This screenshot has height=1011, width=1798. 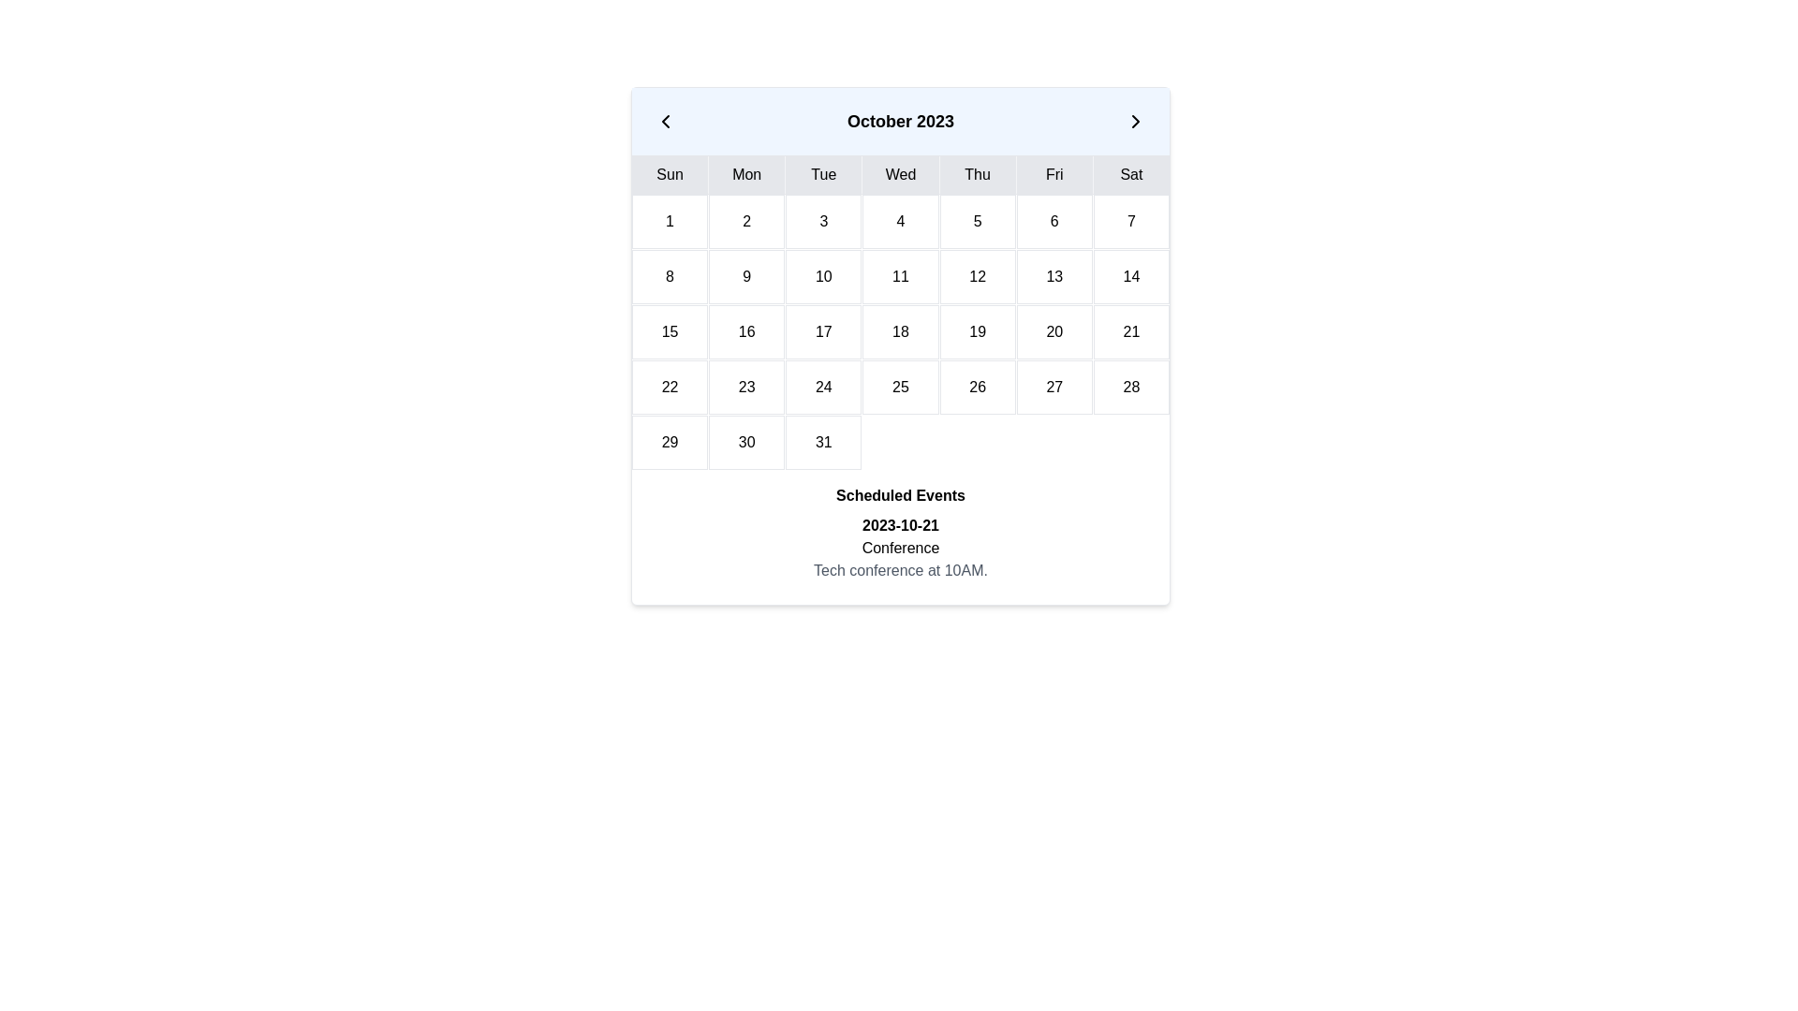 I want to click on the Date Cell for Thursday in the October 2023 calendar, so click(x=977, y=220).